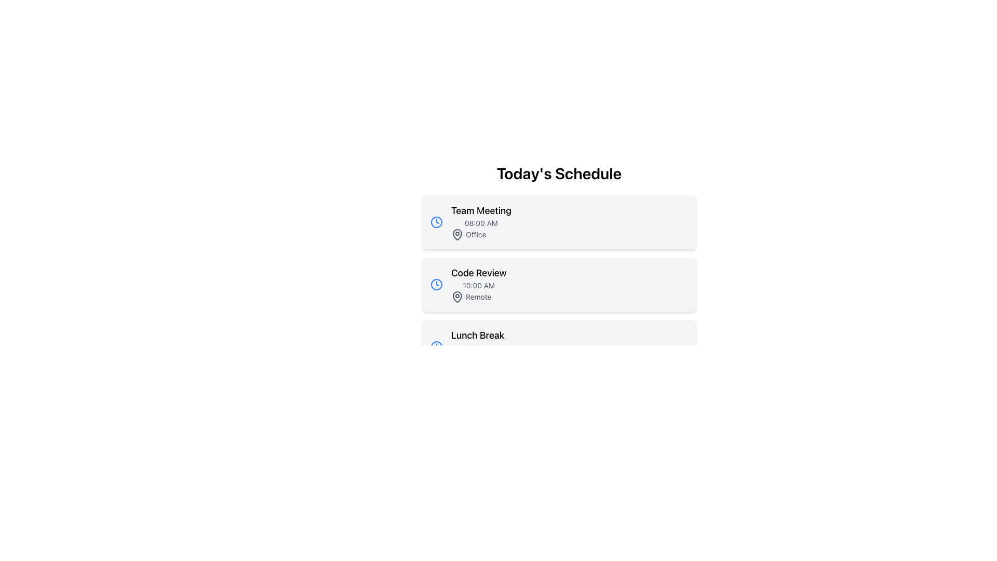 The width and height of the screenshot is (997, 561). What do you see at coordinates (477, 335) in the screenshot?
I see `the Text Label that identifies the schedule entry in the third entry of 'Today's Schedule', positioned above the time and location details` at bounding box center [477, 335].